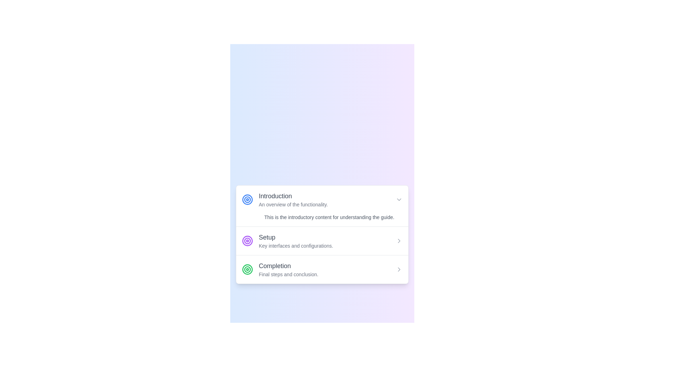  What do you see at coordinates (399, 269) in the screenshot?
I see `the right-pointing arrow icon located in the Setup section of the interface for accessibility purposes` at bounding box center [399, 269].